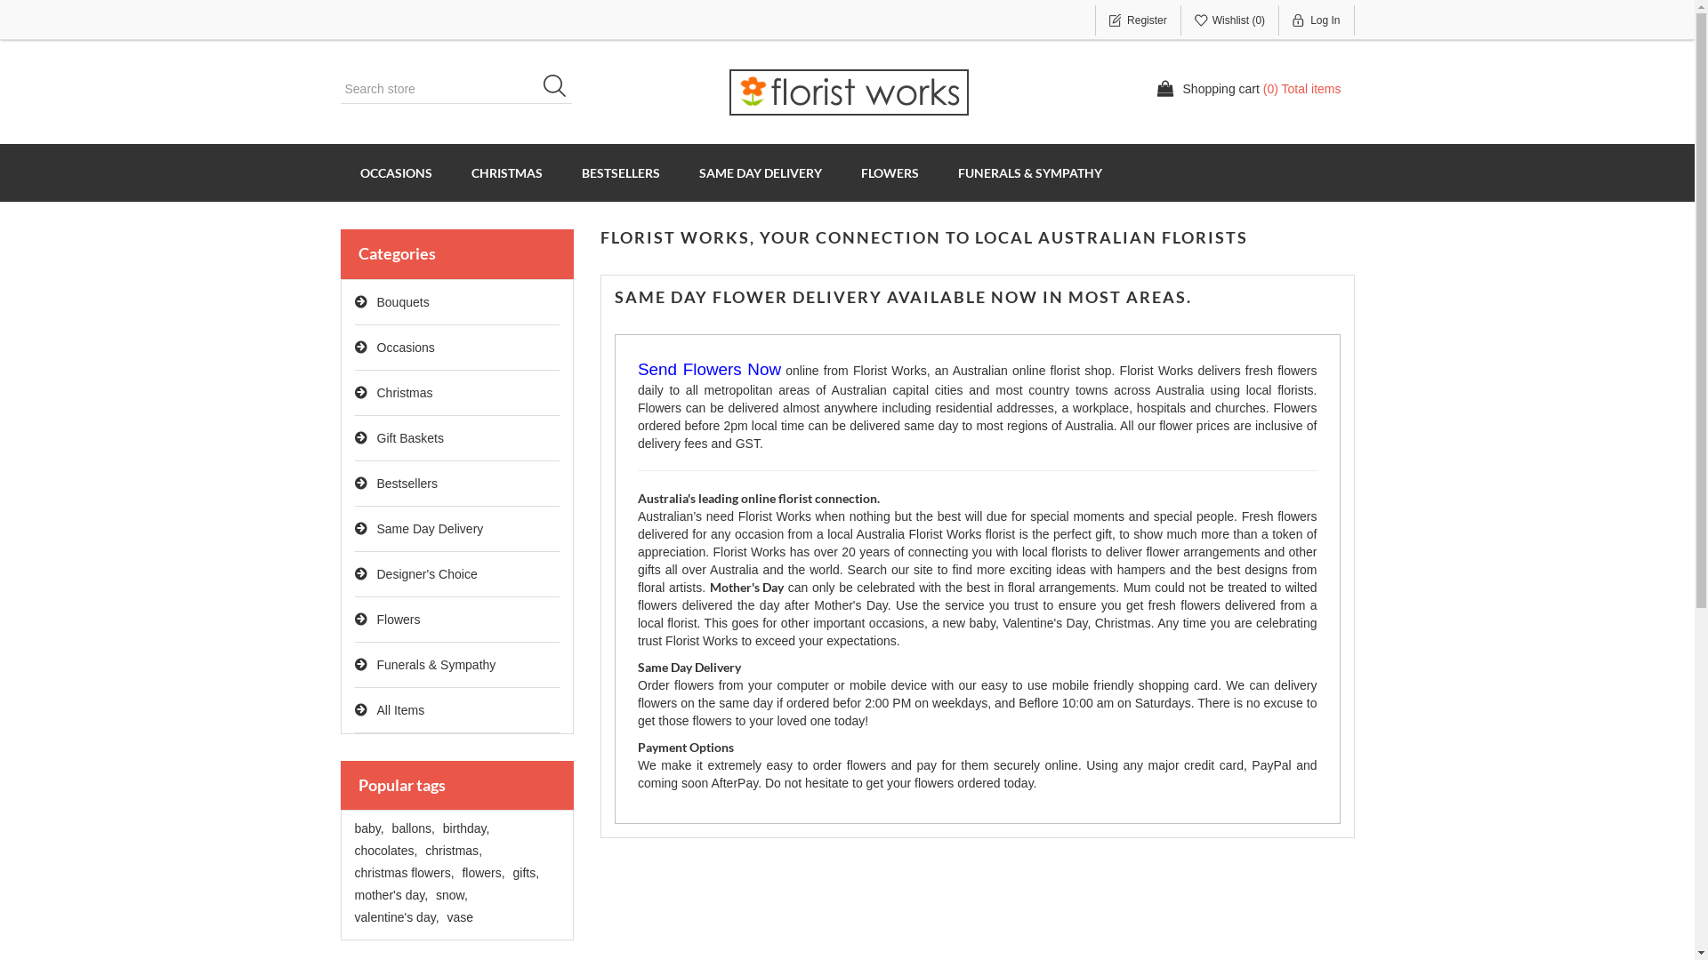  What do you see at coordinates (354, 894) in the screenshot?
I see `'mother's day,'` at bounding box center [354, 894].